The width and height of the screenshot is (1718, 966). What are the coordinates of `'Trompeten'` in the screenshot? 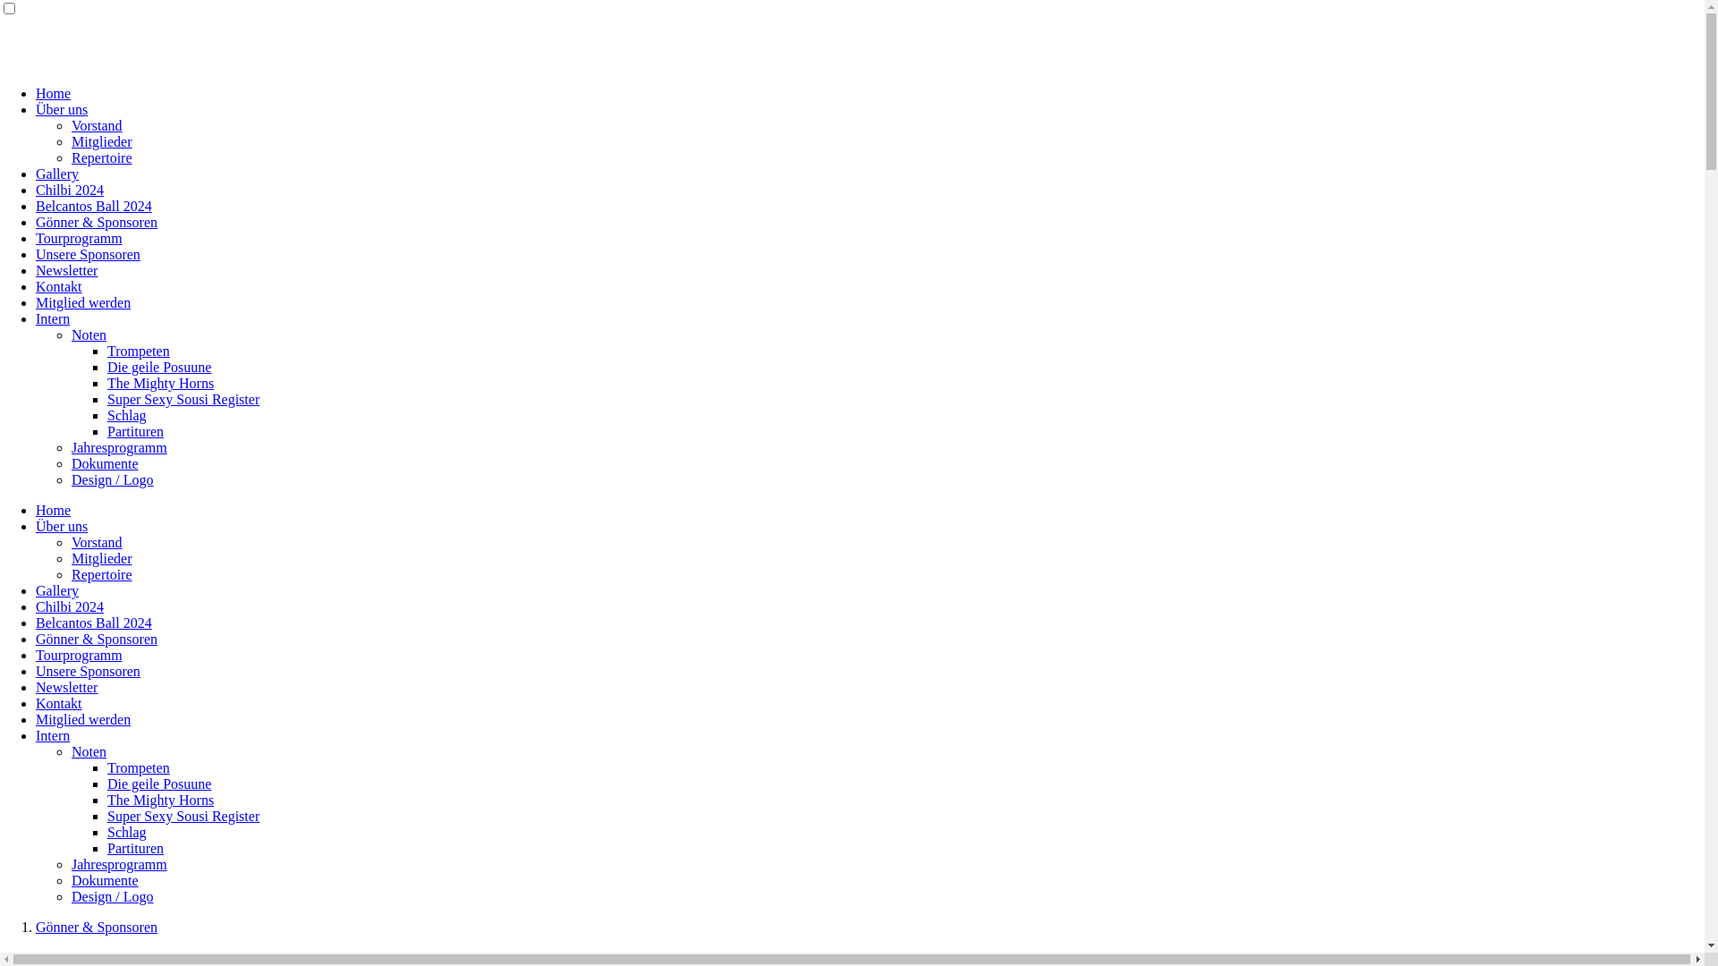 It's located at (137, 767).